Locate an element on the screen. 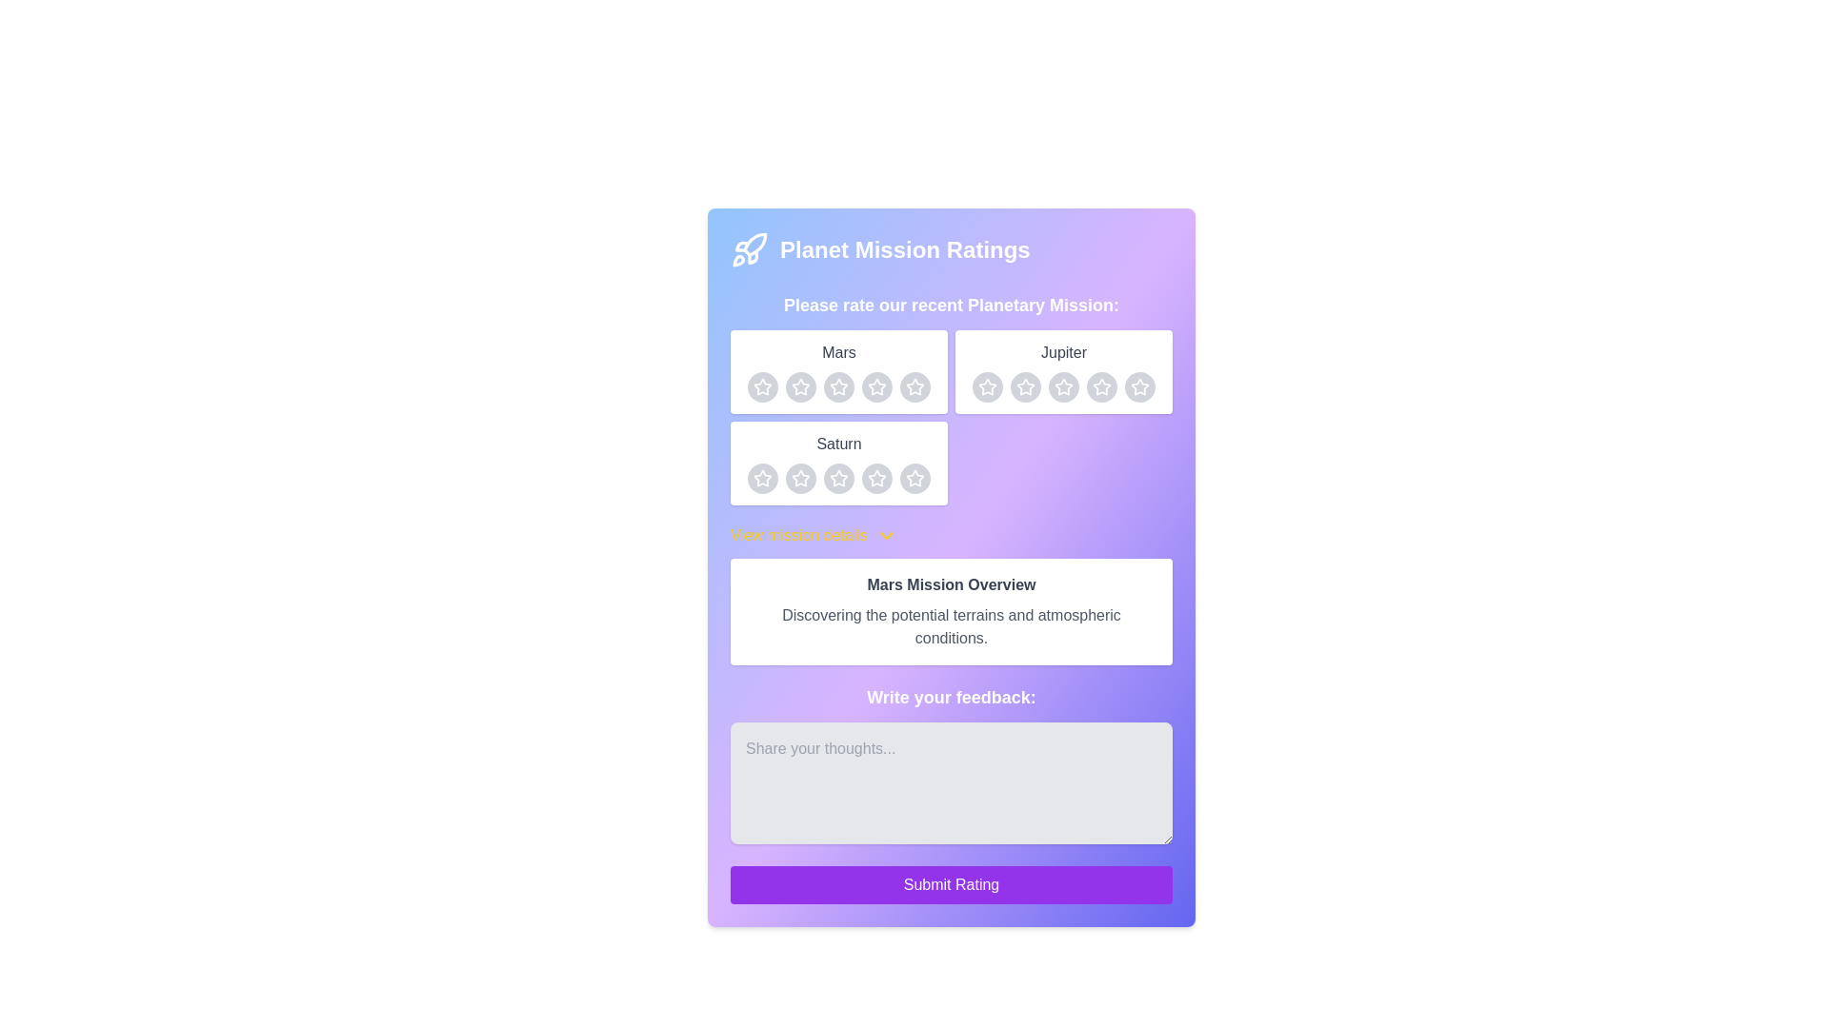  the first star in the third row under the Saturn section of the rating star component is located at coordinates (876, 477).